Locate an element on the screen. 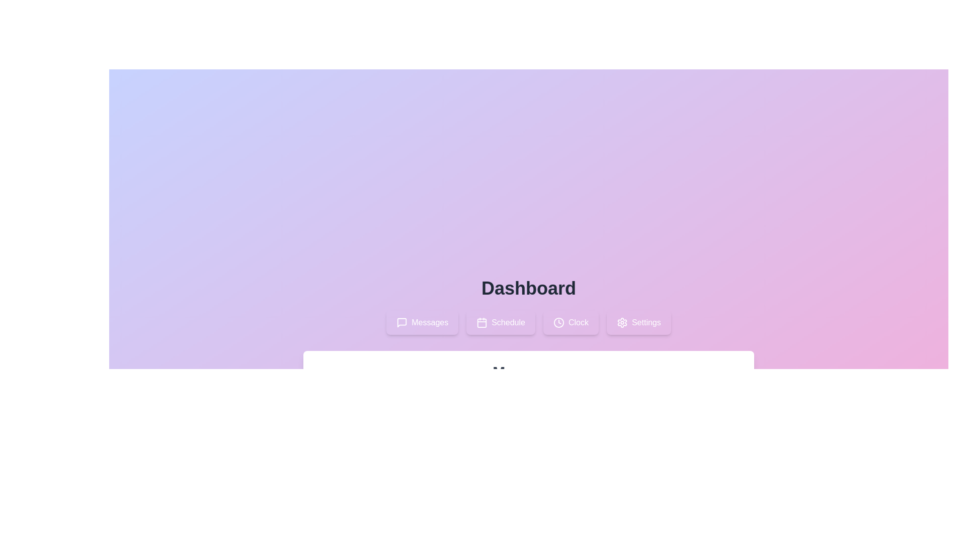 The width and height of the screenshot is (966, 543). the header section to observe the information displayed is located at coordinates (528, 289).